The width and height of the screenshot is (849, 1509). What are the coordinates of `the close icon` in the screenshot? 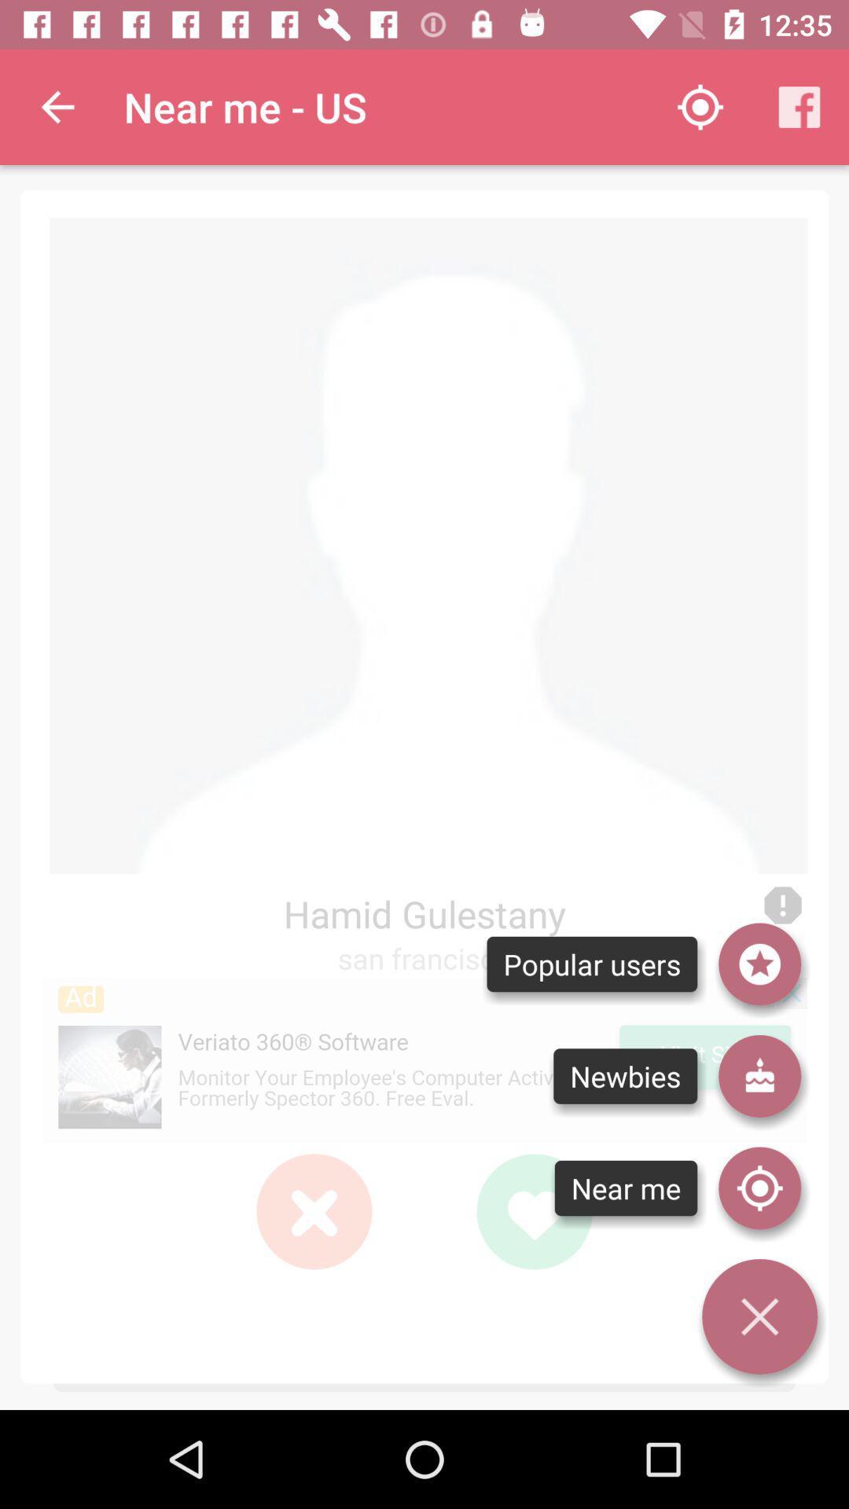 It's located at (759, 1316).